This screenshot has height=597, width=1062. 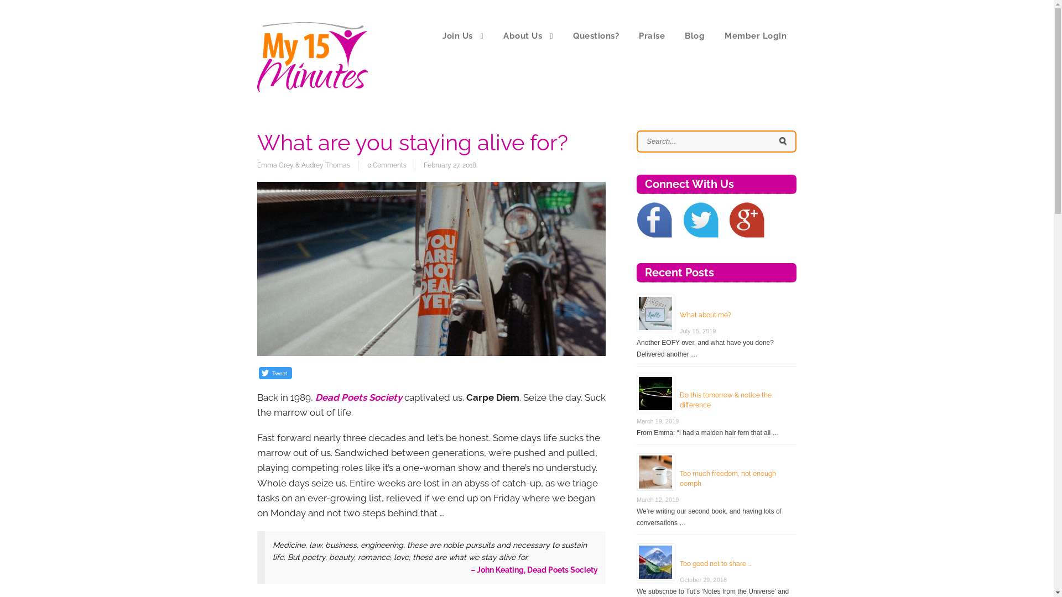 I want to click on 'Join Us', so click(x=462, y=35).